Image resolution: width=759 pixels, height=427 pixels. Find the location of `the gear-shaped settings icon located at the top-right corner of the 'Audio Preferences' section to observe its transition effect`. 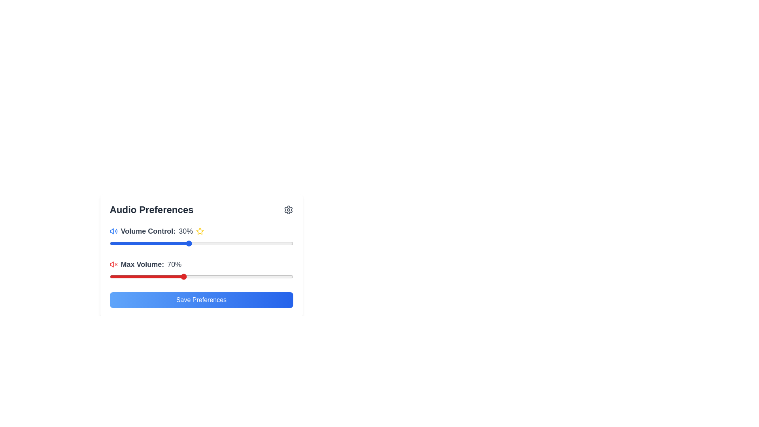

the gear-shaped settings icon located at the top-right corner of the 'Audio Preferences' section to observe its transition effect is located at coordinates (288, 210).